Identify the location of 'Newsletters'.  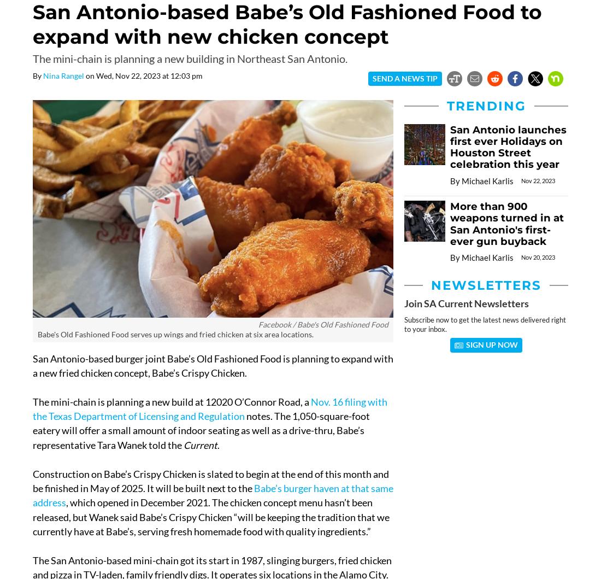
(486, 285).